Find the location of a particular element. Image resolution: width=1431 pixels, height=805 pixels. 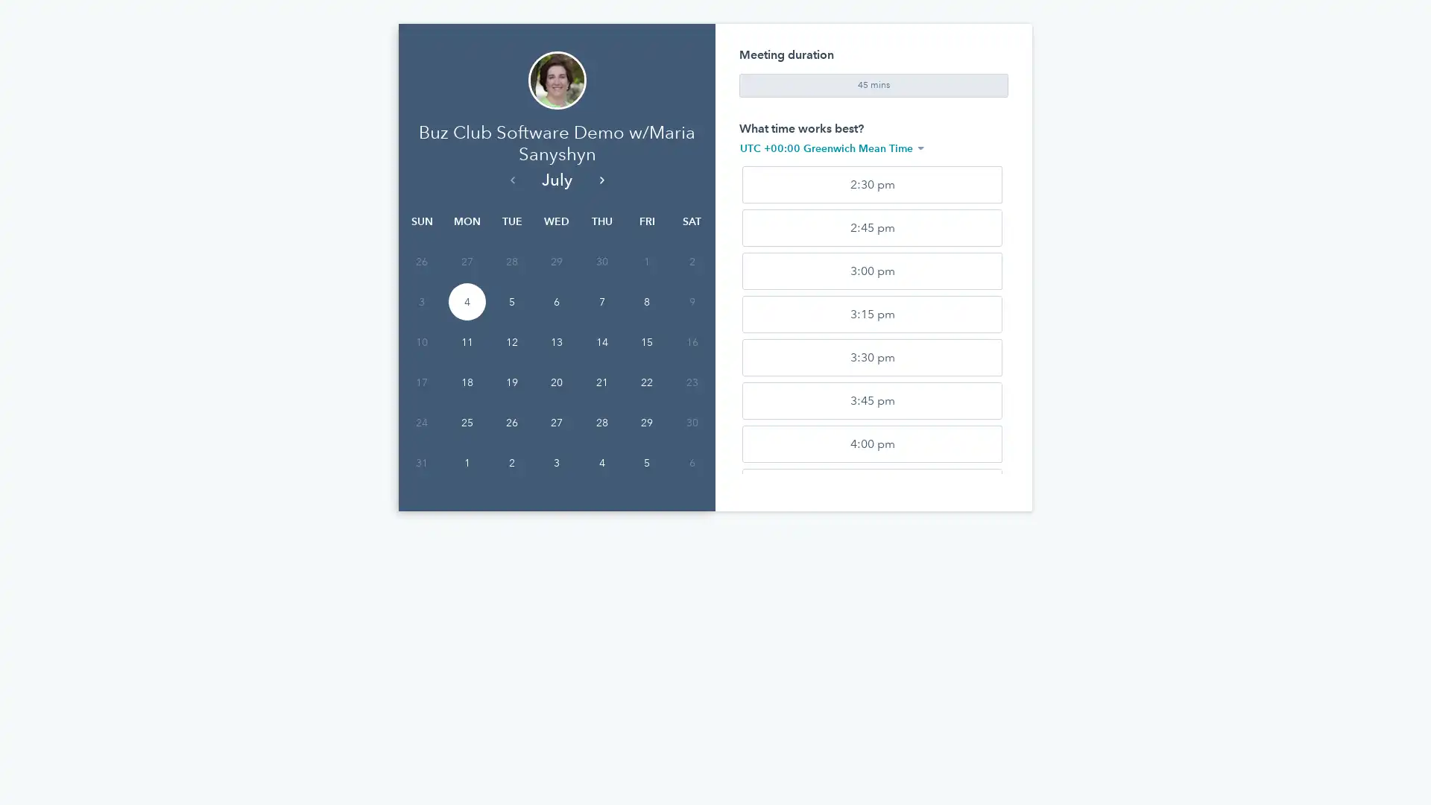

July 4th is located at coordinates (465, 359).